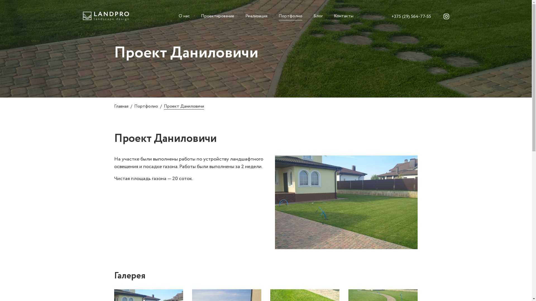  What do you see at coordinates (411, 16) in the screenshot?
I see `'+375 (29) 564-77-55'` at bounding box center [411, 16].